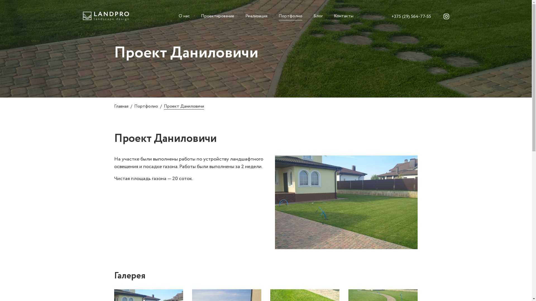  What do you see at coordinates (411, 16) in the screenshot?
I see `'+375 (29) 564-77-55'` at bounding box center [411, 16].